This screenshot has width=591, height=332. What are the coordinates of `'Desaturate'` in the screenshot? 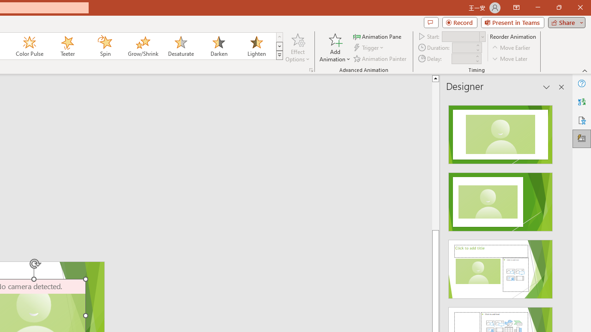 It's located at (181, 46).